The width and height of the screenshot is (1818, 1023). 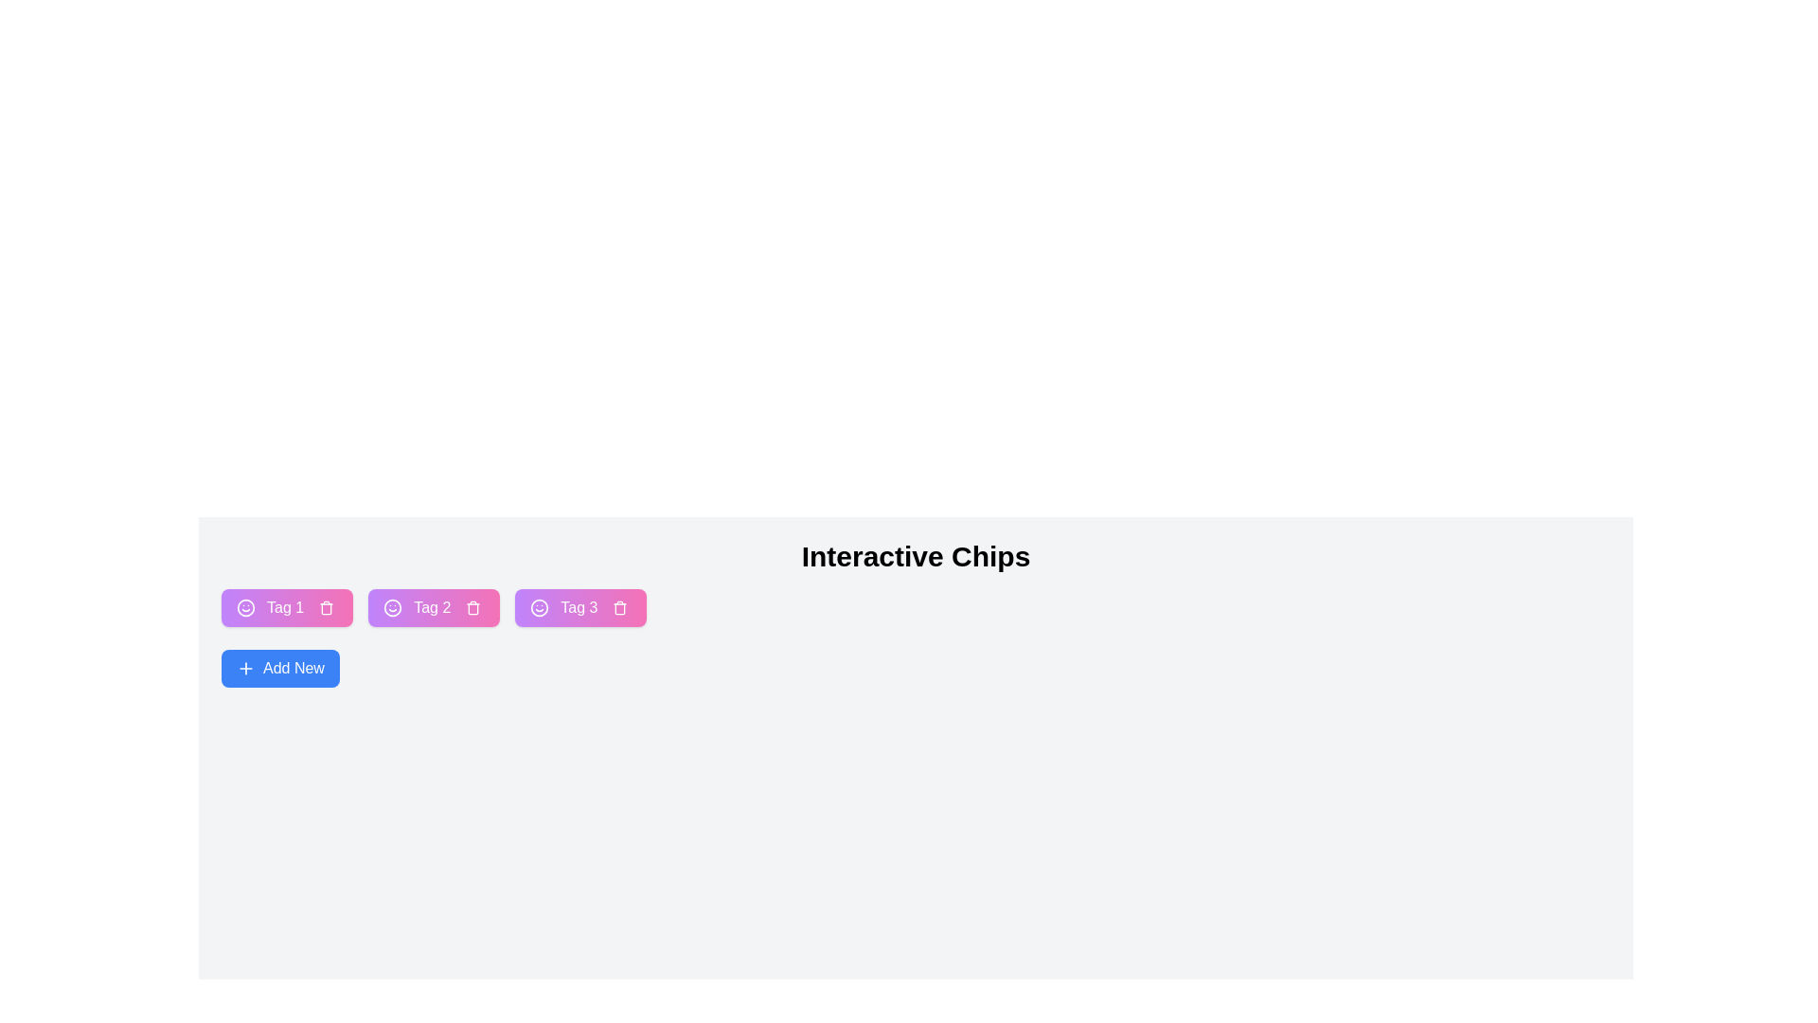 What do you see at coordinates (539, 607) in the screenshot?
I see `the smile icon of the chip labeled Tag 3` at bounding box center [539, 607].